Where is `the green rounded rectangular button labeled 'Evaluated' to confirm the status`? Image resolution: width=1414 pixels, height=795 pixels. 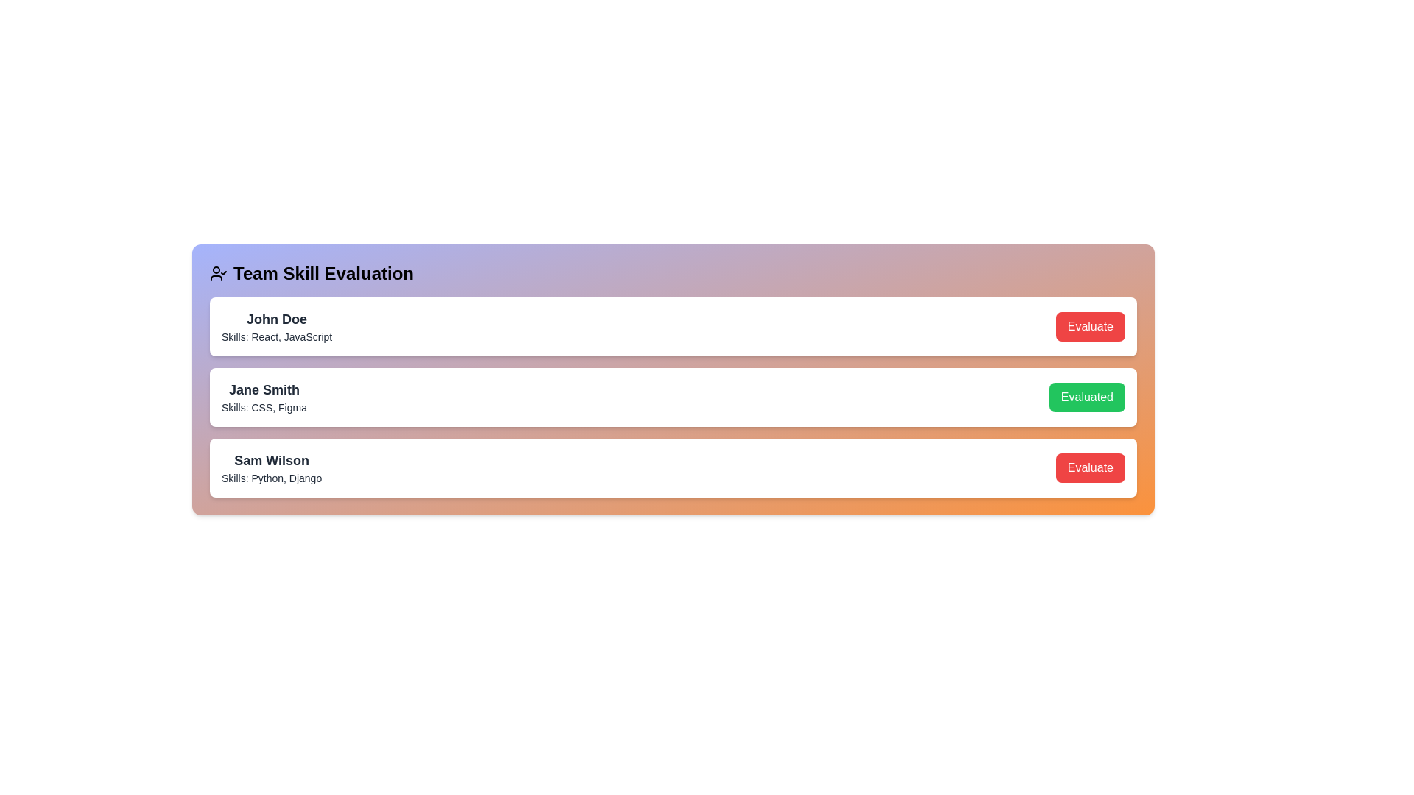
the green rounded rectangular button labeled 'Evaluated' to confirm the status is located at coordinates (1087, 397).